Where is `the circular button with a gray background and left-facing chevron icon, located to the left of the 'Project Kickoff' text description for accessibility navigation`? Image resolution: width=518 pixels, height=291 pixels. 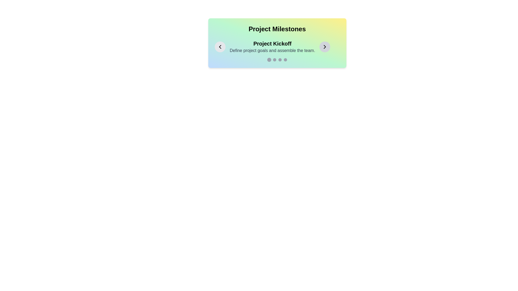 the circular button with a gray background and left-facing chevron icon, located to the left of the 'Project Kickoff' text description for accessibility navigation is located at coordinates (220, 46).